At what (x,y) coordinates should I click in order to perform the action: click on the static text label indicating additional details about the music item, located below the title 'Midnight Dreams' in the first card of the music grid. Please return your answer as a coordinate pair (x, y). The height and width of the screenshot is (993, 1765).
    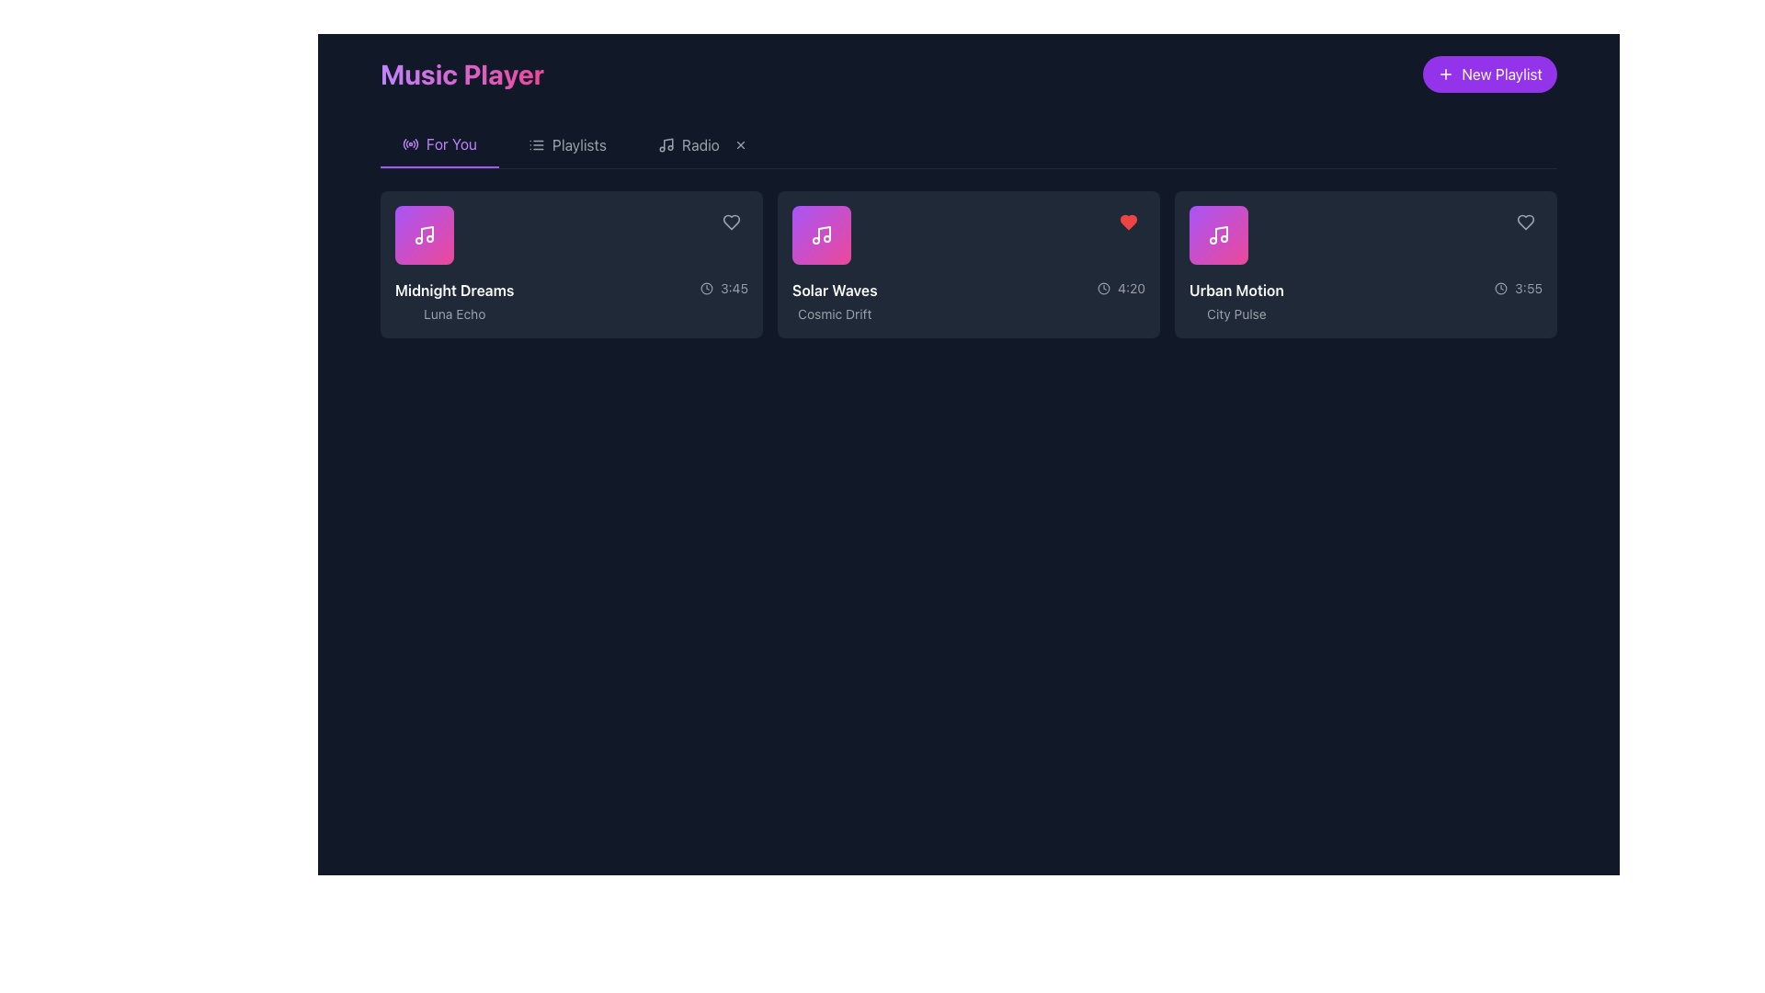
    Looking at the image, I should click on (454, 314).